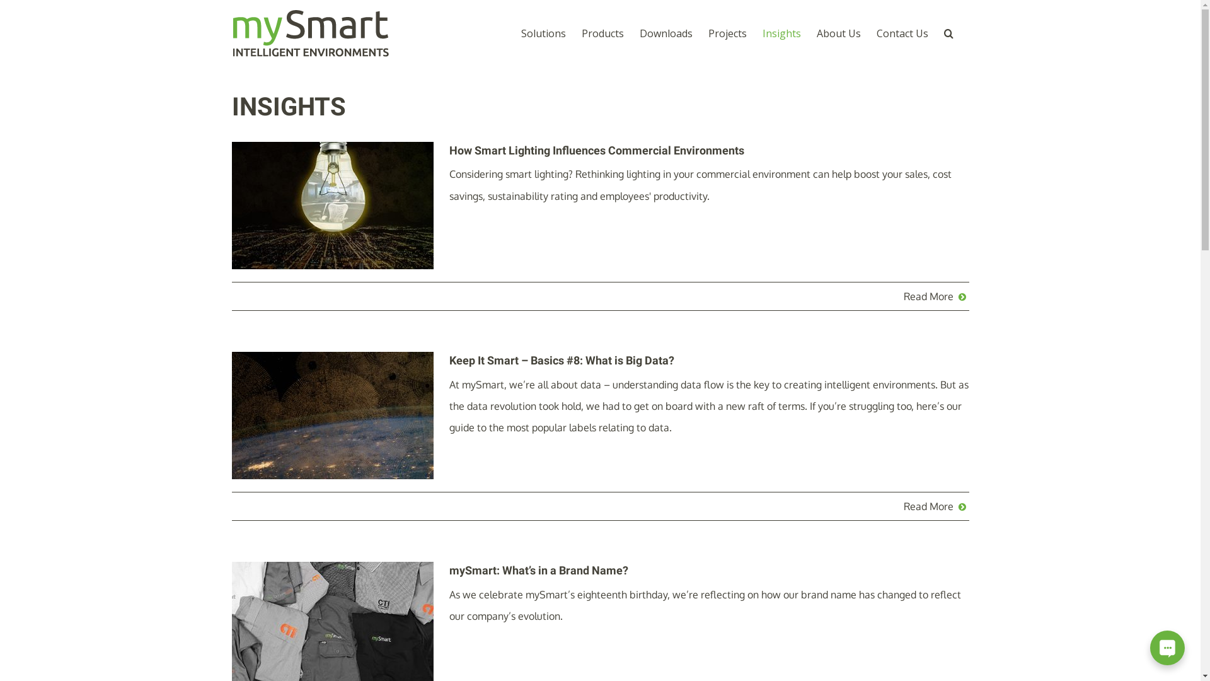  What do you see at coordinates (948, 32) in the screenshot?
I see `'Search'` at bounding box center [948, 32].